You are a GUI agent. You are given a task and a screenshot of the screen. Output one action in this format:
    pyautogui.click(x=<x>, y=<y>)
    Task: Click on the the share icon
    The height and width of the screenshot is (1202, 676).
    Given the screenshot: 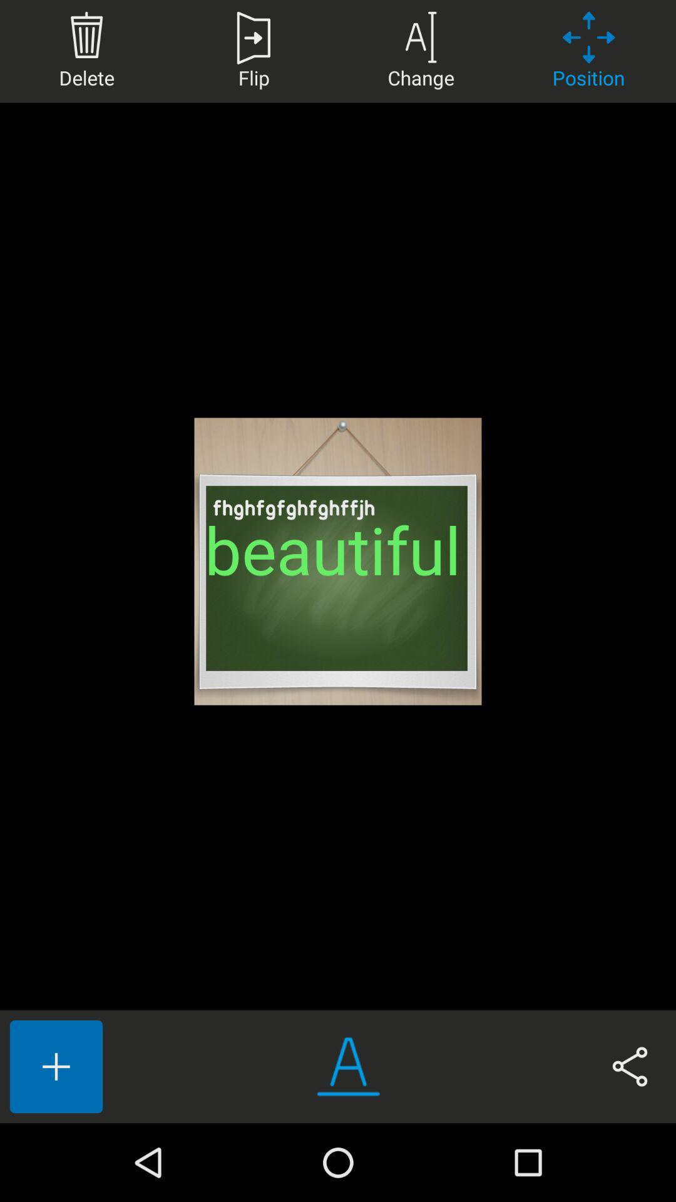 What is the action you would take?
    pyautogui.click(x=630, y=1066)
    